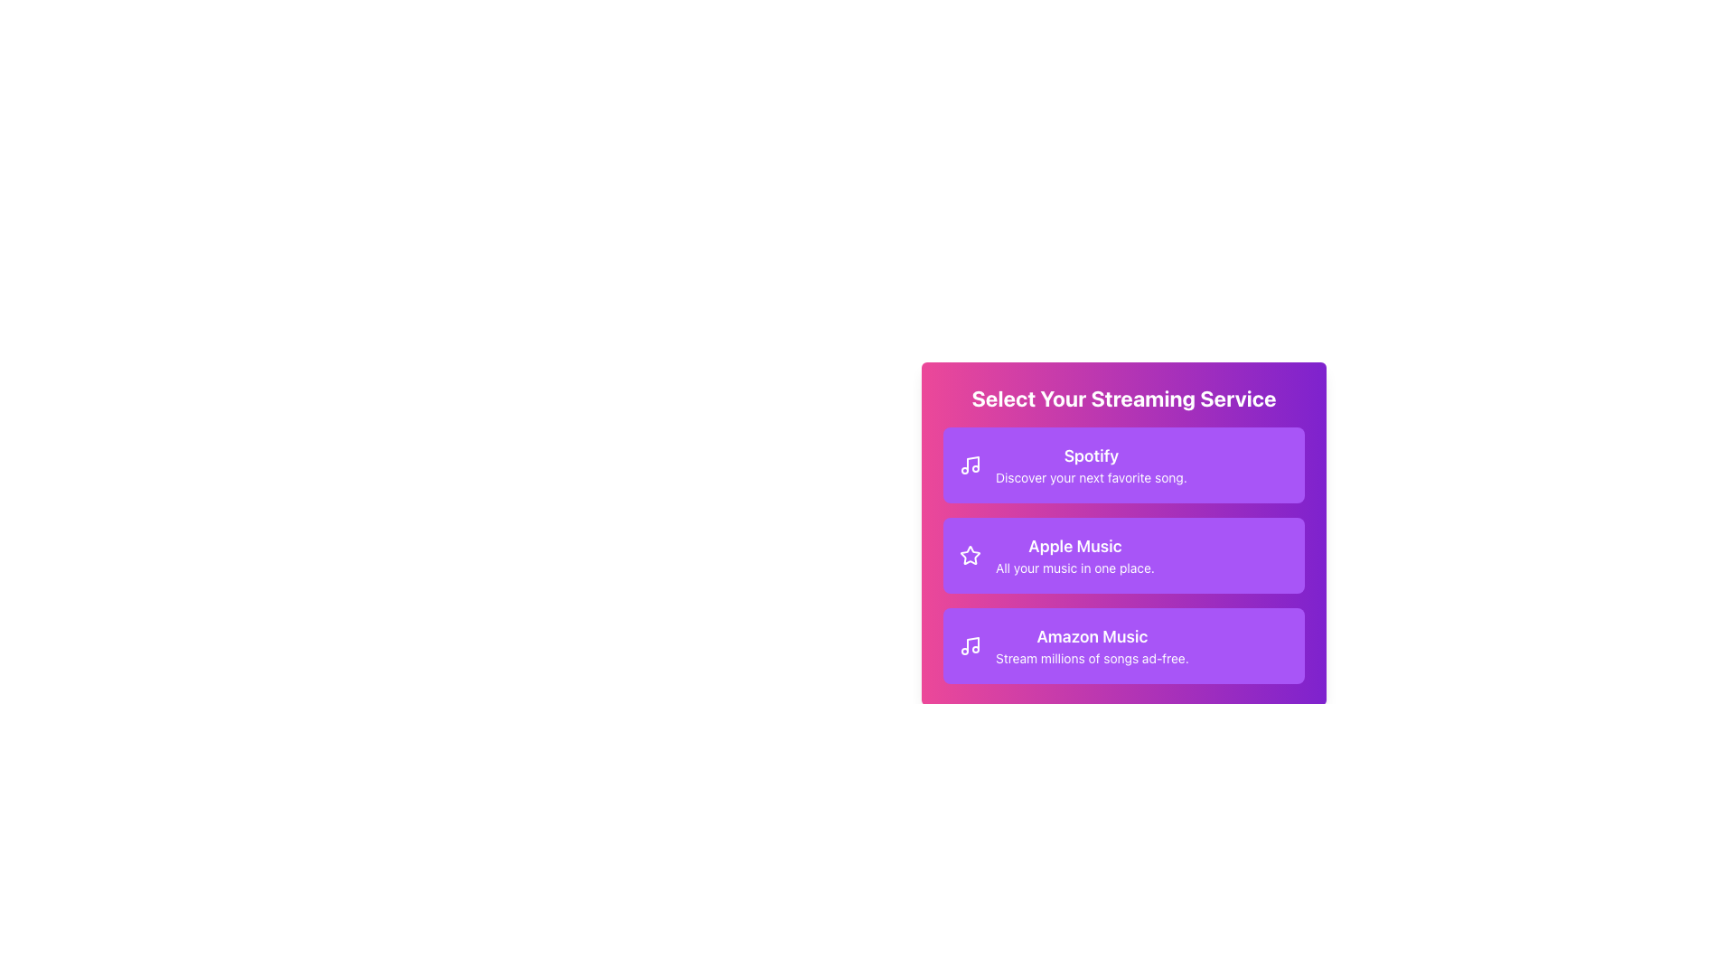  I want to click on descriptive subtitle text located below the 'Apple Music' title, which is centrally positioned within the middle option of the three choices, so click(1075, 567).